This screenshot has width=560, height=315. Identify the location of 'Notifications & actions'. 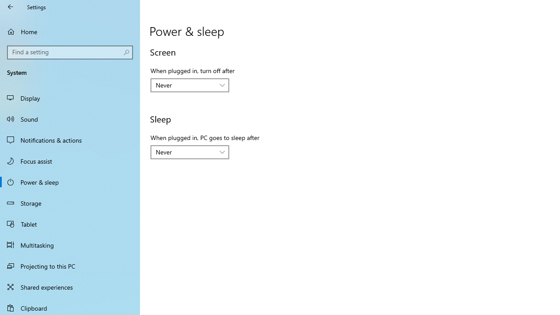
(70, 140).